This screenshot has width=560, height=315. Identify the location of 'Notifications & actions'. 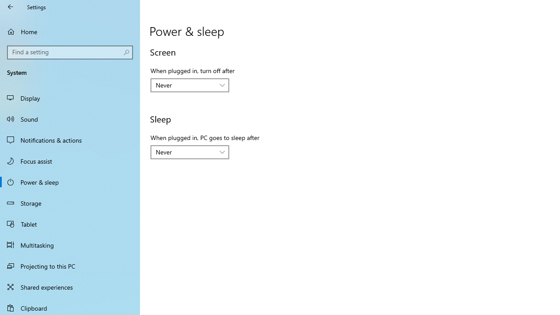
(70, 140).